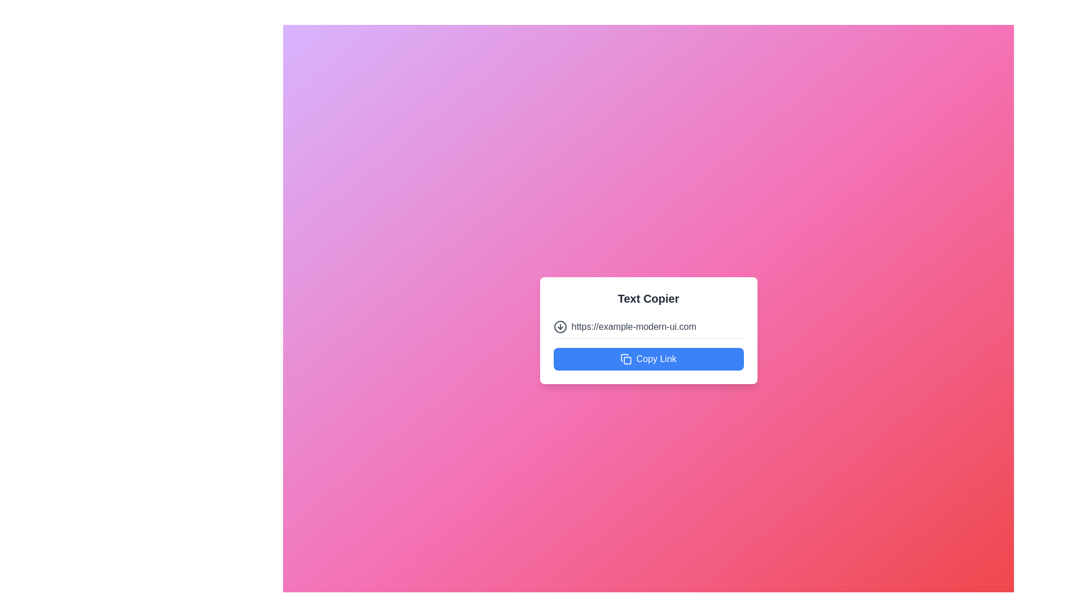 Image resolution: width=1087 pixels, height=611 pixels. I want to click on the text label reading 'Text Copier', which is styled in bold and large font, positioned at the top-center of the card's content area, so click(648, 298).